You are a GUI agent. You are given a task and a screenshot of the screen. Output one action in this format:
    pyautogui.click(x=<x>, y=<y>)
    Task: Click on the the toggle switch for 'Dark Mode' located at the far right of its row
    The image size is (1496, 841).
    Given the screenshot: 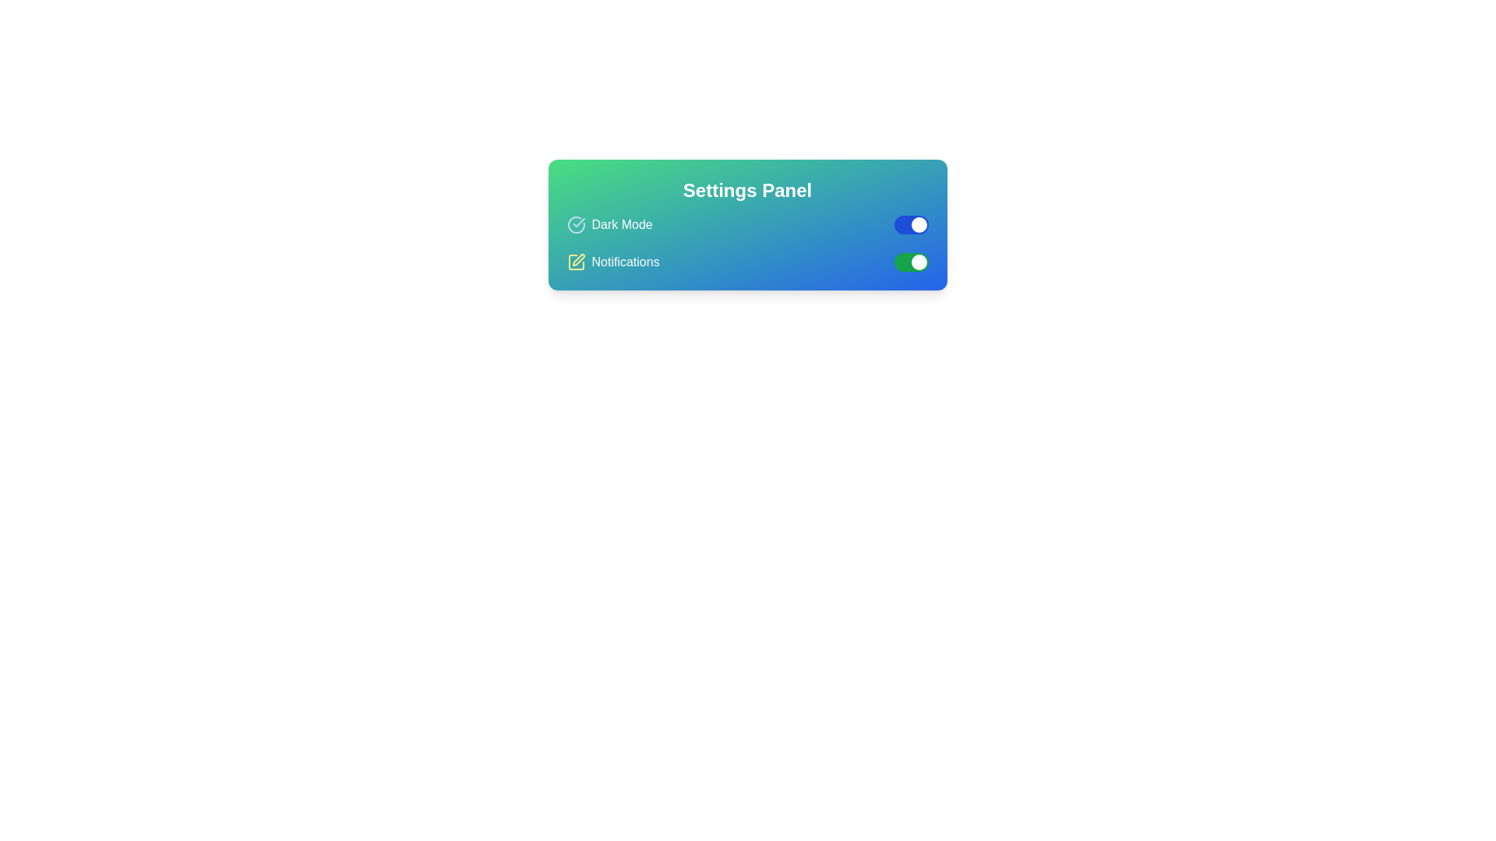 What is the action you would take?
    pyautogui.click(x=911, y=225)
    